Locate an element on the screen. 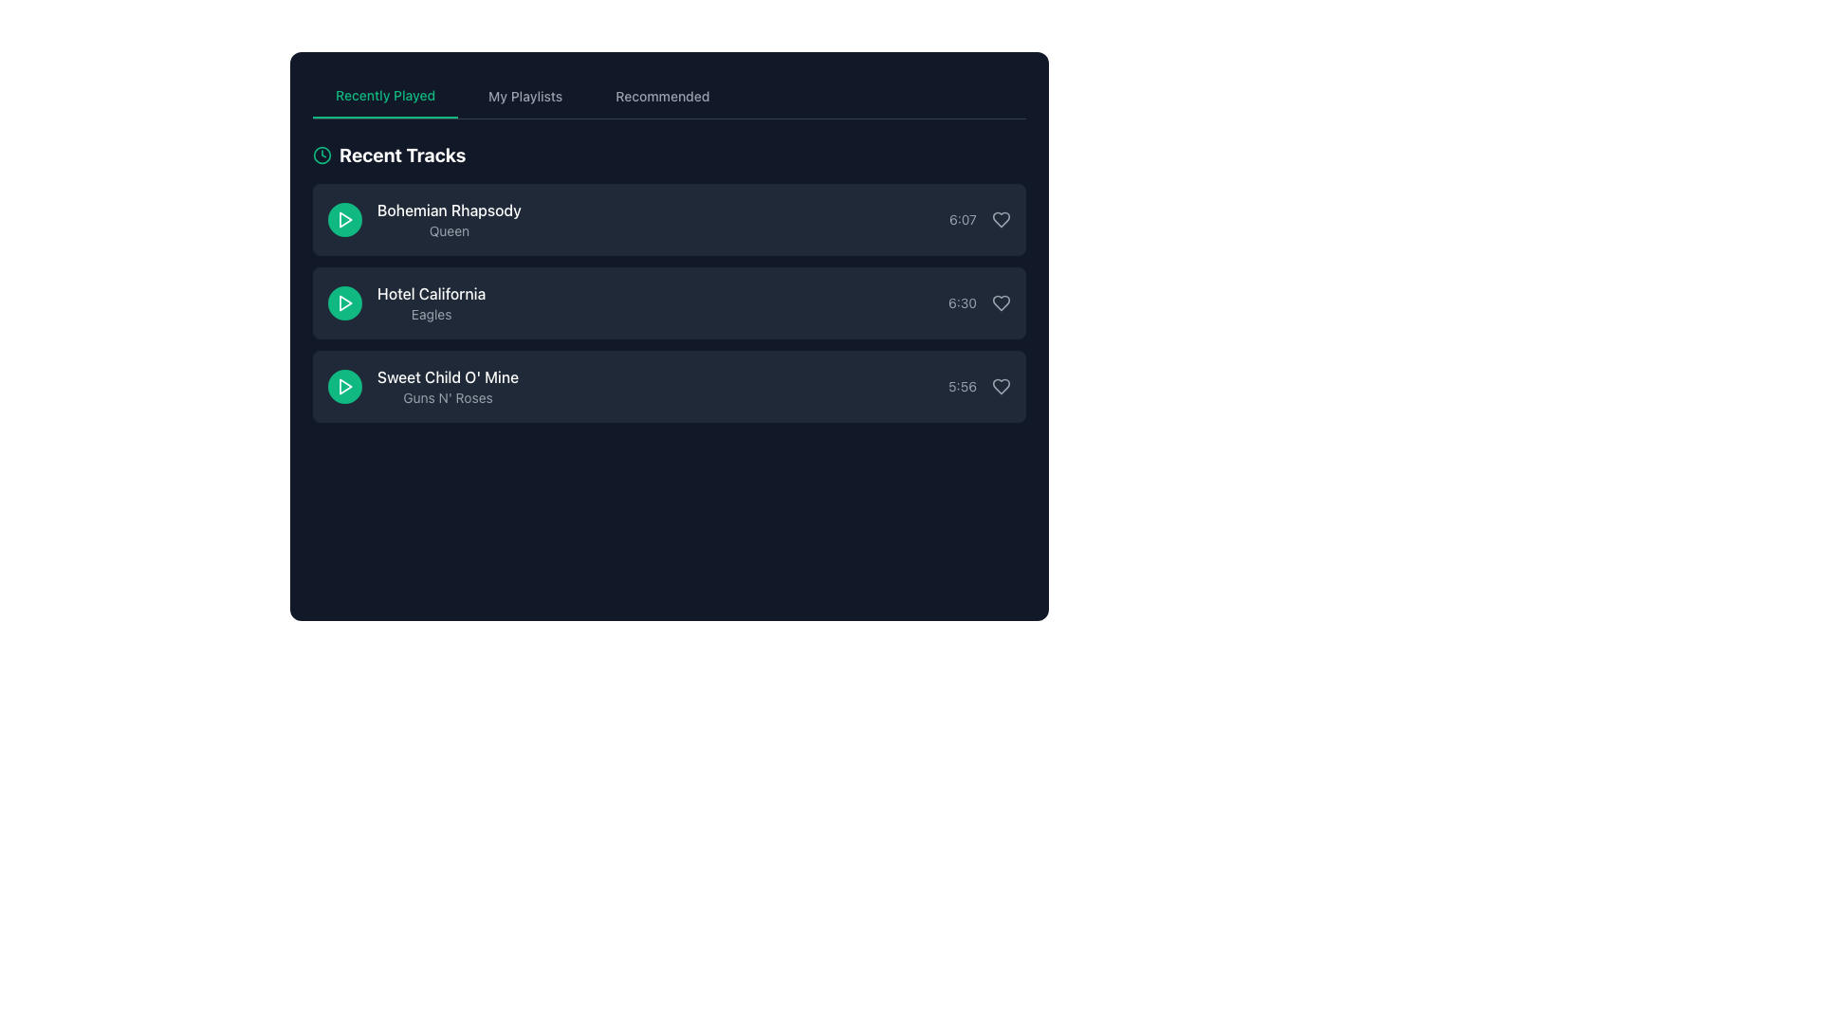 Image resolution: width=1821 pixels, height=1024 pixels. the SVG circle graphic that represents the clock's border or face, located near the top-left corner of the interface adjacent to the 'Recent Tracks' heading is located at coordinates (322, 155).